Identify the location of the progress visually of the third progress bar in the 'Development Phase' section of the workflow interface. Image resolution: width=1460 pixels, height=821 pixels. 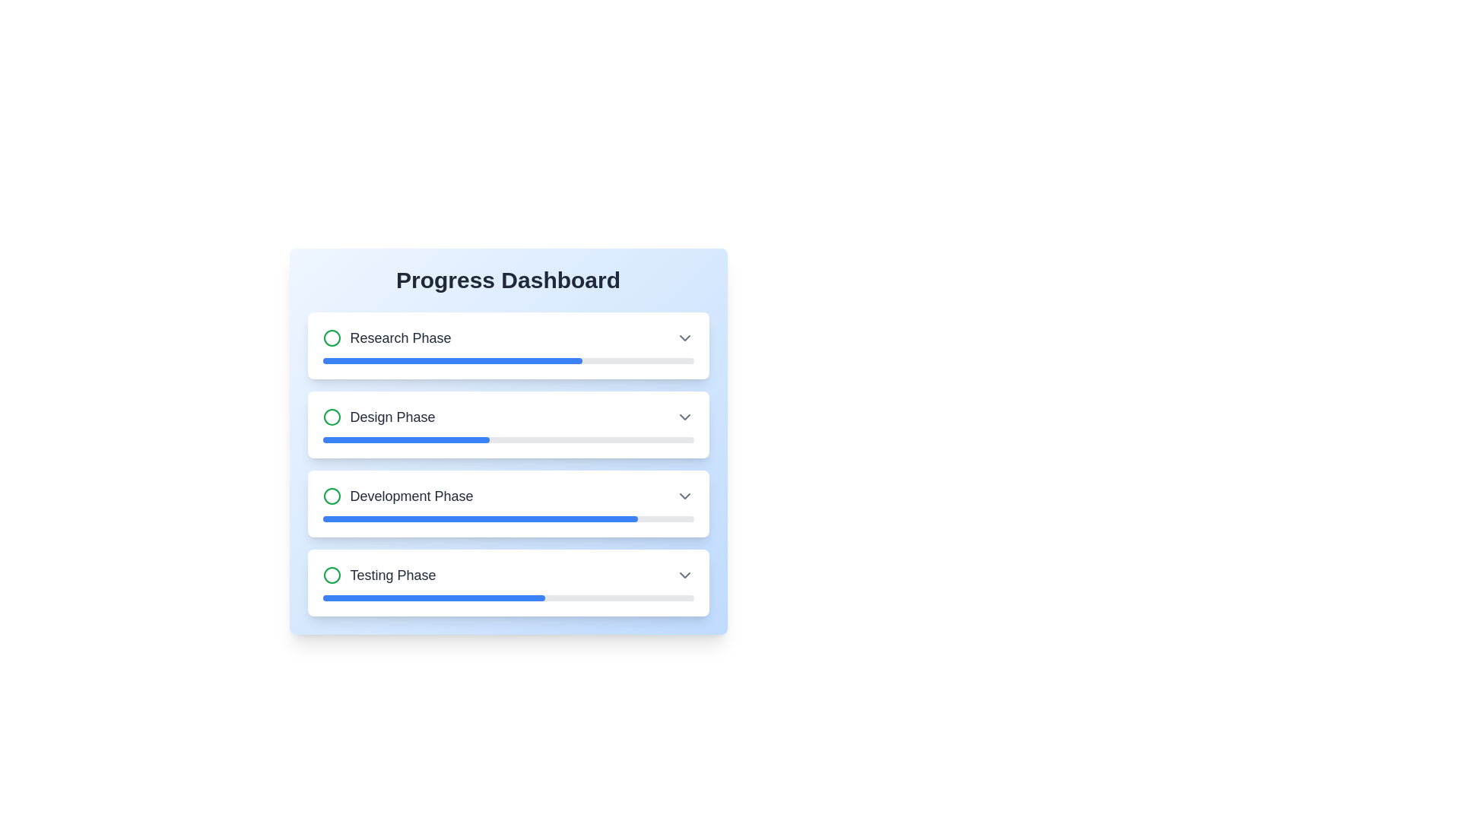
(479, 518).